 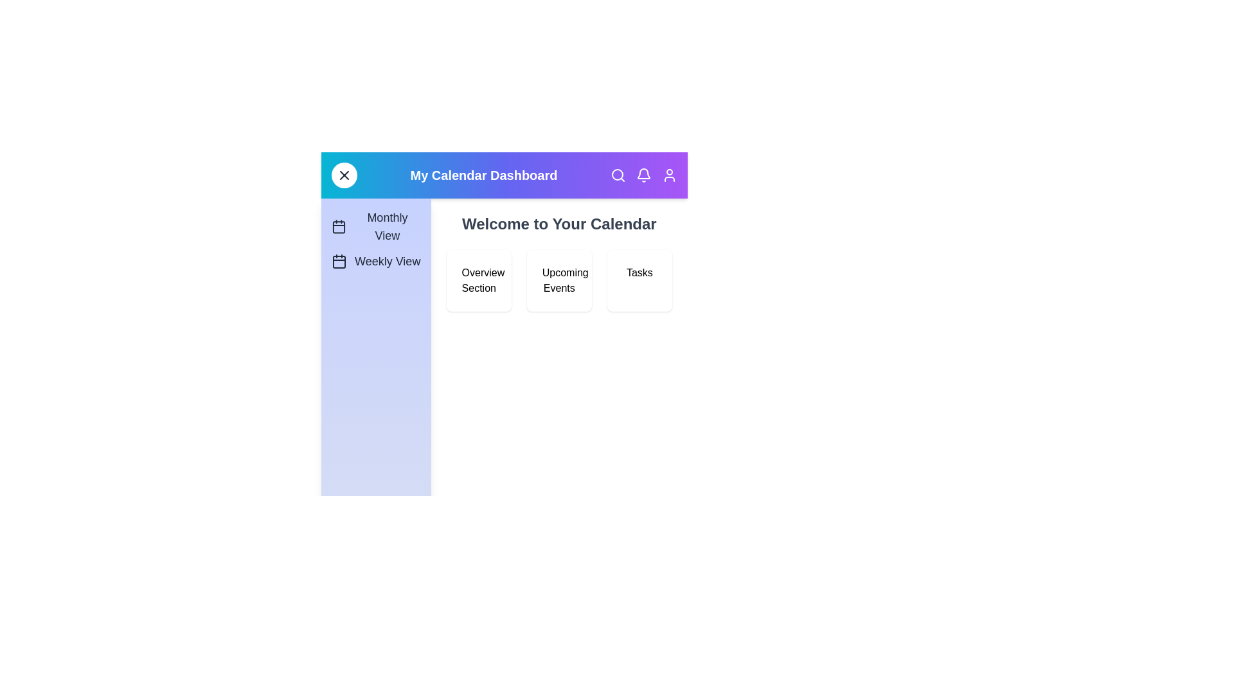 I want to click on the magnifying glass icon button in the top right of the purple navigation bar, so click(x=618, y=175).